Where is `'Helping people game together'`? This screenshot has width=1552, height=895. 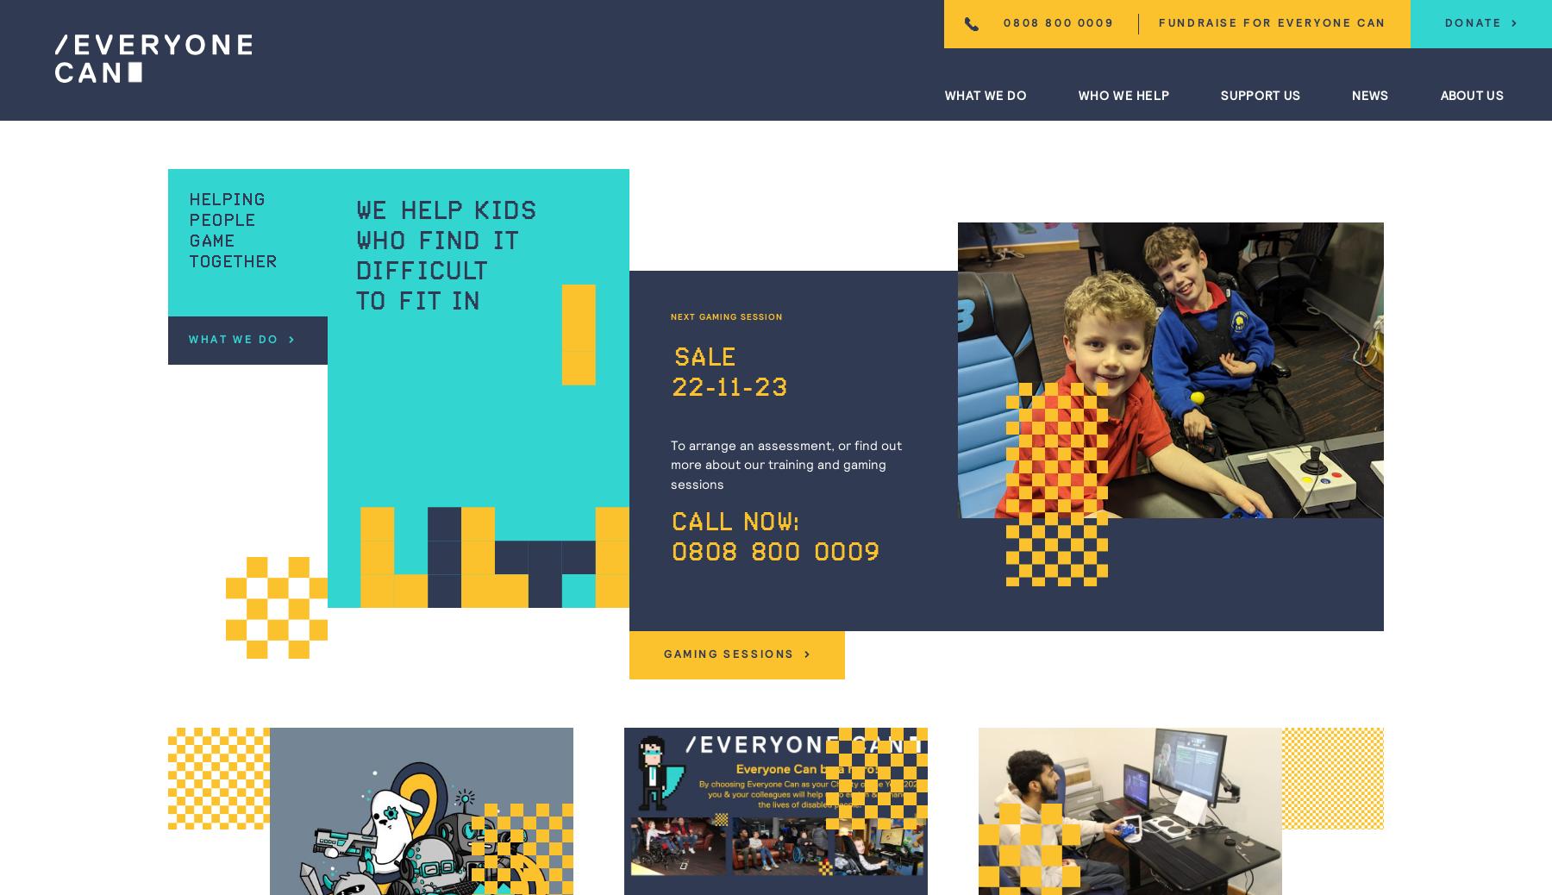 'Helping people game together' is located at coordinates (232, 231).